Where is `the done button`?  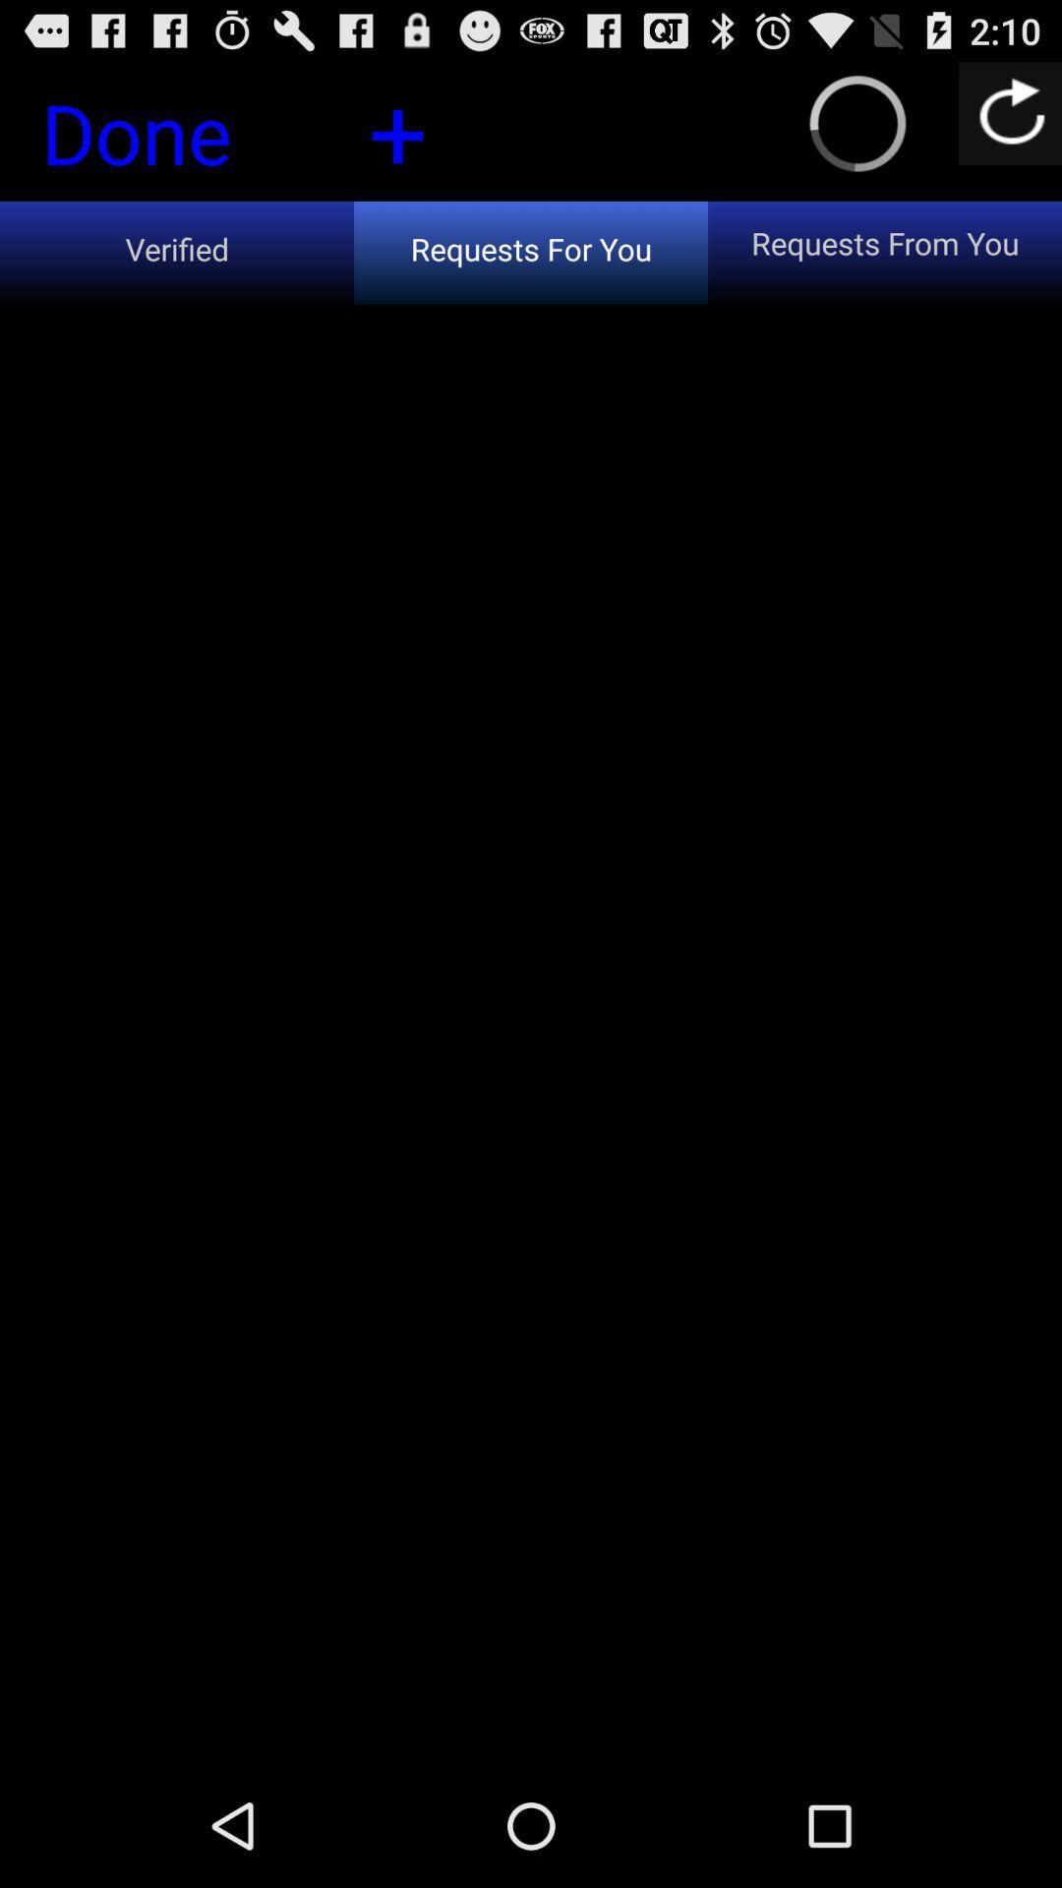
the done button is located at coordinates (169, 138).